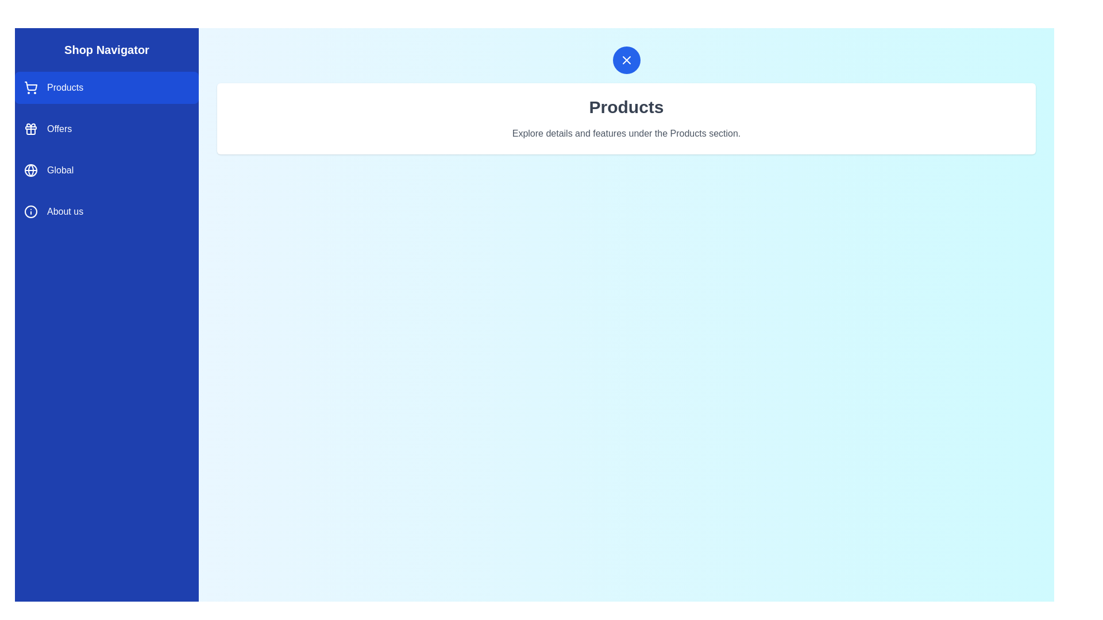 This screenshot has height=620, width=1103. I want to click on the drawer item corresponding to the section About us, so click(107, 212).